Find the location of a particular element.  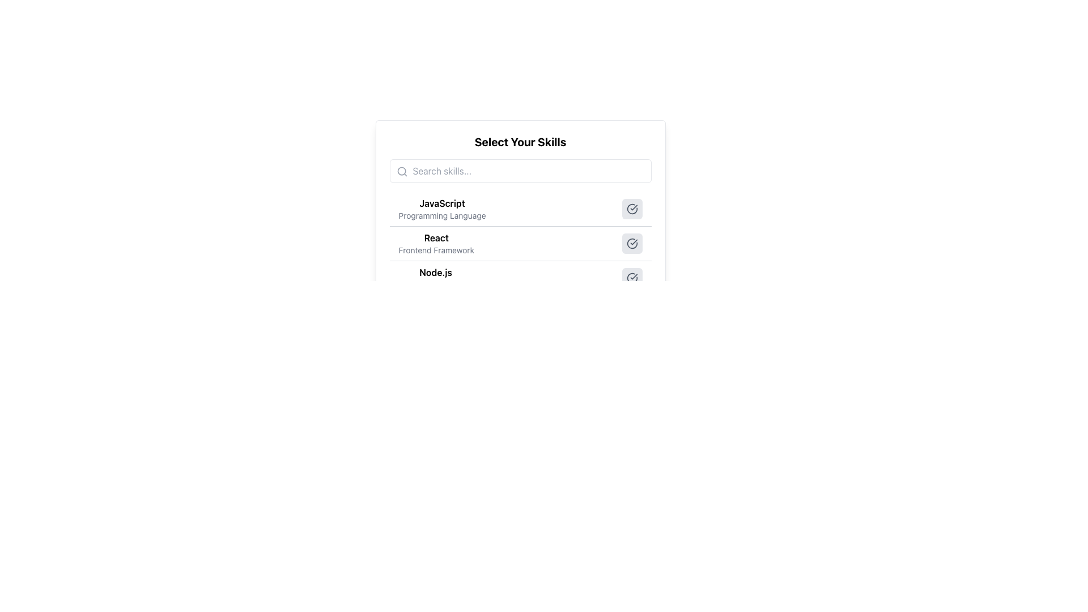

text label displaying 'JavaScript' which is bold and mid-size, positioned above the smaller grayish text 'Programming Language' is located at coordinates (441, 202).